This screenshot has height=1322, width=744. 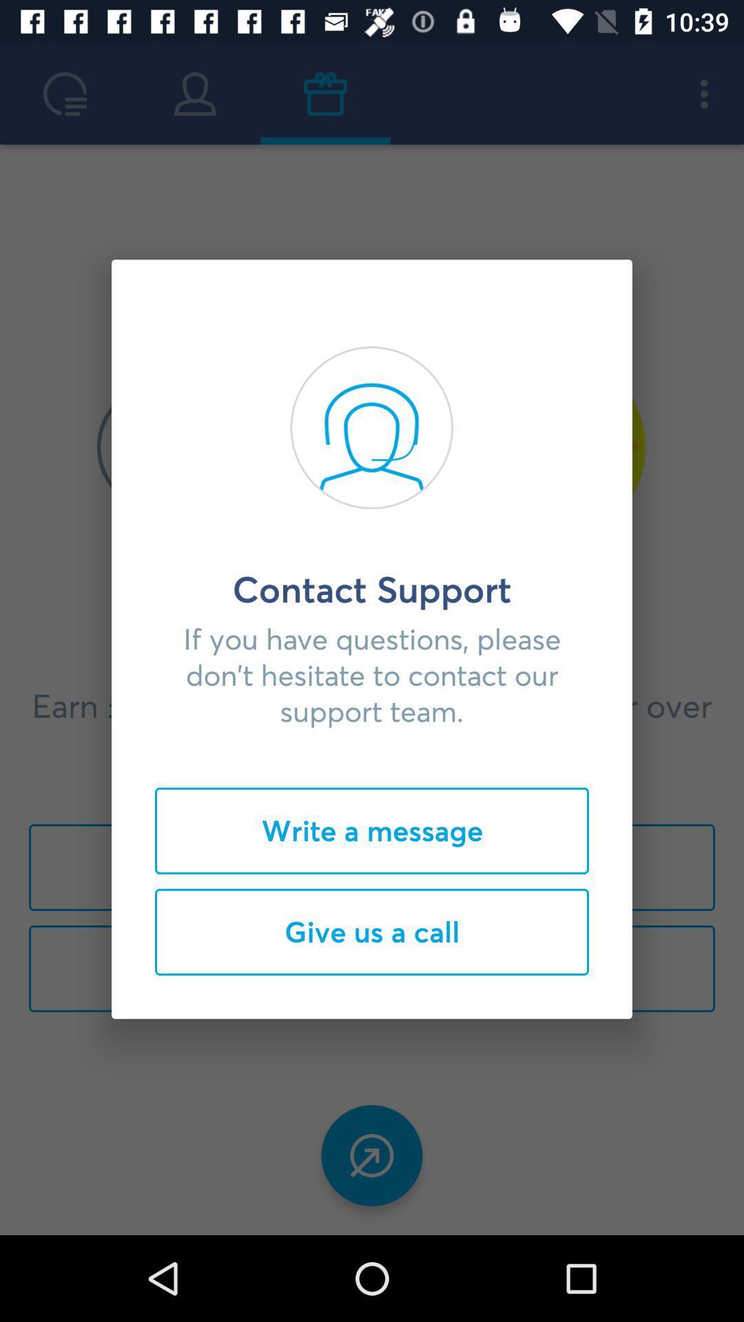 I want to click on the give us a icon, so click(x=372, y=932).